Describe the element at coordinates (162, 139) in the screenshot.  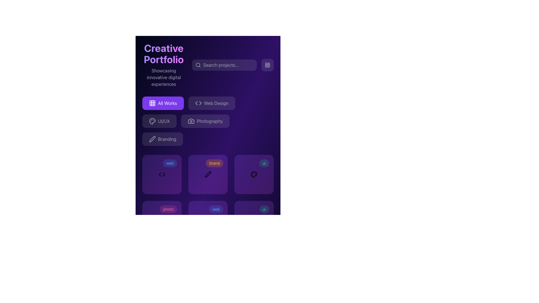
I see `the 'Branding' category filter button, which is the fifth option in a vertically oriented list of selectable options, to apply the 'Branding' category filter` at that location.